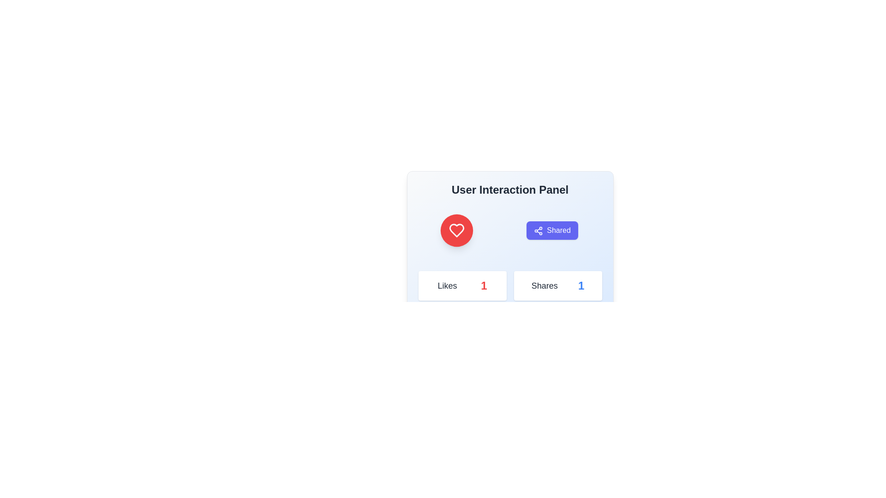 Image resolution: width=886 pixels, height=498 pixels. Describe the element at coordinates (447, 285) in the screenshot. I see `text label that displays 'Likes', which is located on the left side of a panel next to a bold numerical value '1'` at that location.